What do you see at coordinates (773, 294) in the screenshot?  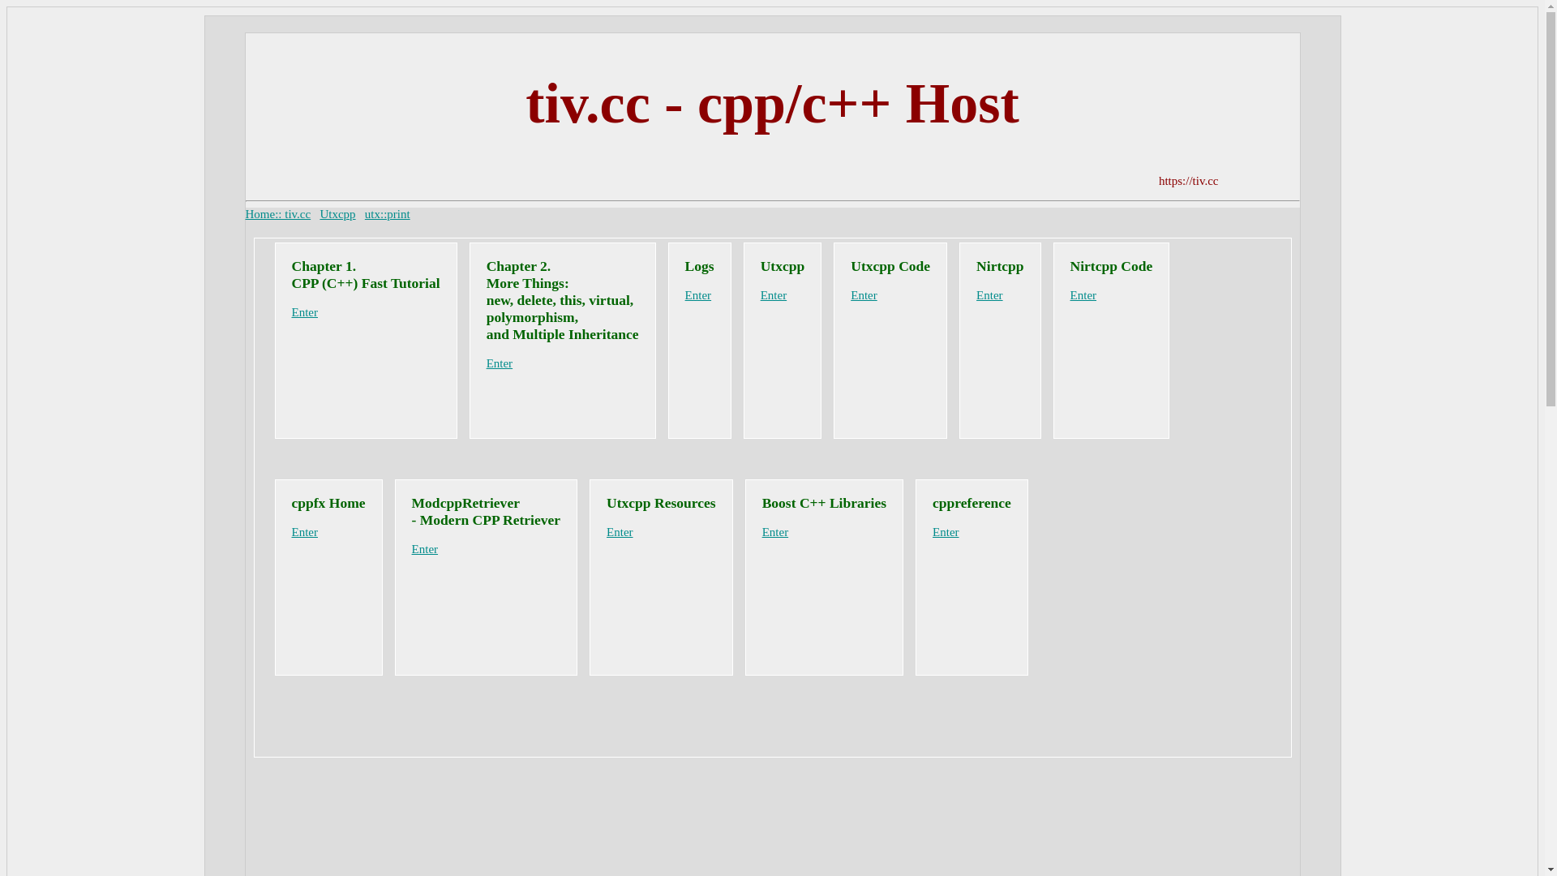 I see `'Enter'` at bounding box center [773, 294].